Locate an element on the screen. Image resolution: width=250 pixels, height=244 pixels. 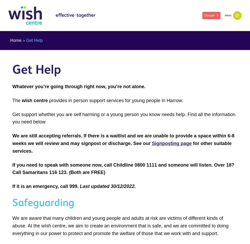
'and someone will listen. Over 18? Call Samaritans 116 123. (Both are FREE)' is located at coordinates (12, 168).